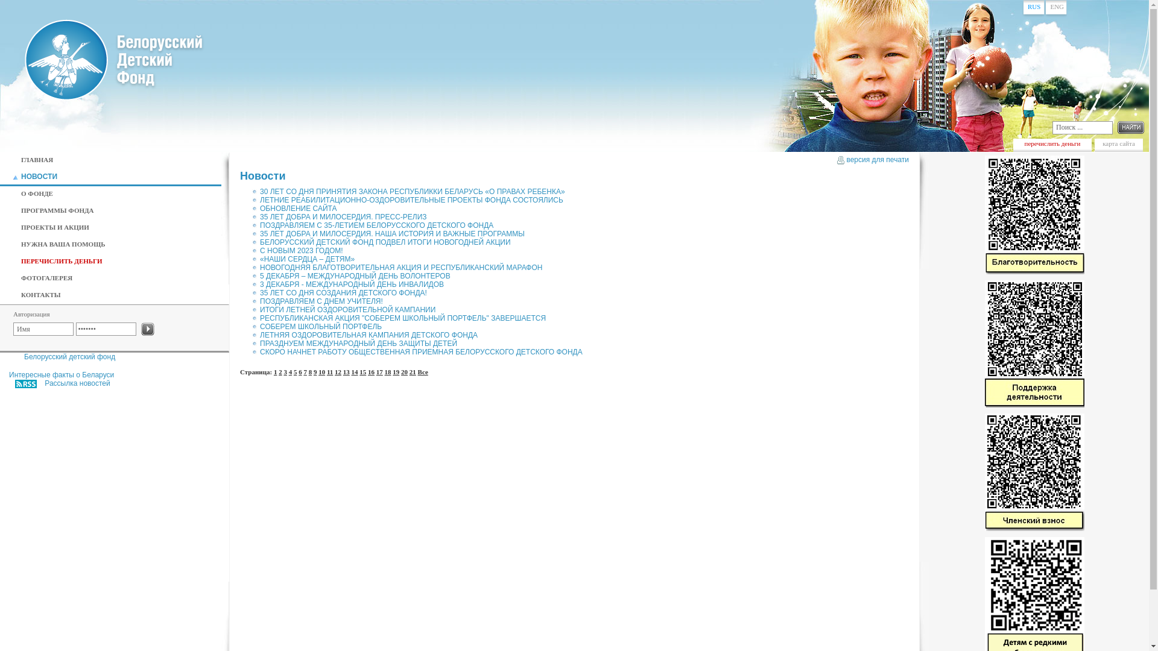 This screenshot has height=651, width=1158. I want to click on '18', so click(388, 368).